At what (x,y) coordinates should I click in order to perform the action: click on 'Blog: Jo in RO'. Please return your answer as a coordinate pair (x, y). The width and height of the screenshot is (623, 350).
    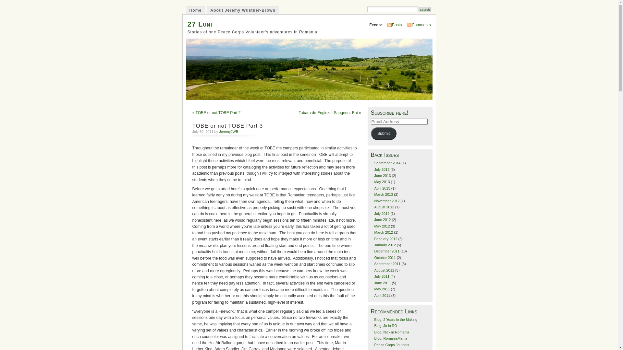
    Looking at the image, I should click on (385, 326).